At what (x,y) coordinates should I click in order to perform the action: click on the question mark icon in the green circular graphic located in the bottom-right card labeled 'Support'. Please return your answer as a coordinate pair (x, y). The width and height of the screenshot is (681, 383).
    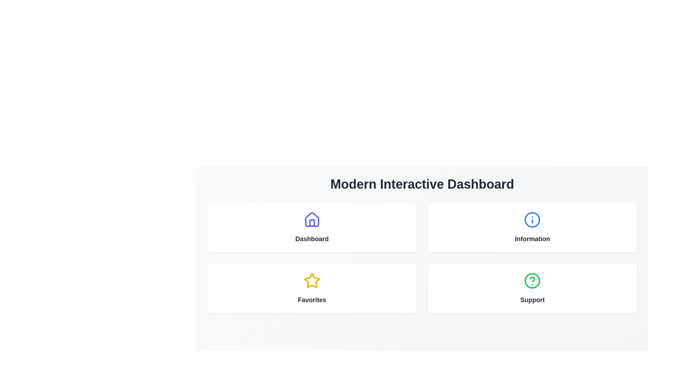
    Looking at the image, I should click on (532, 279).